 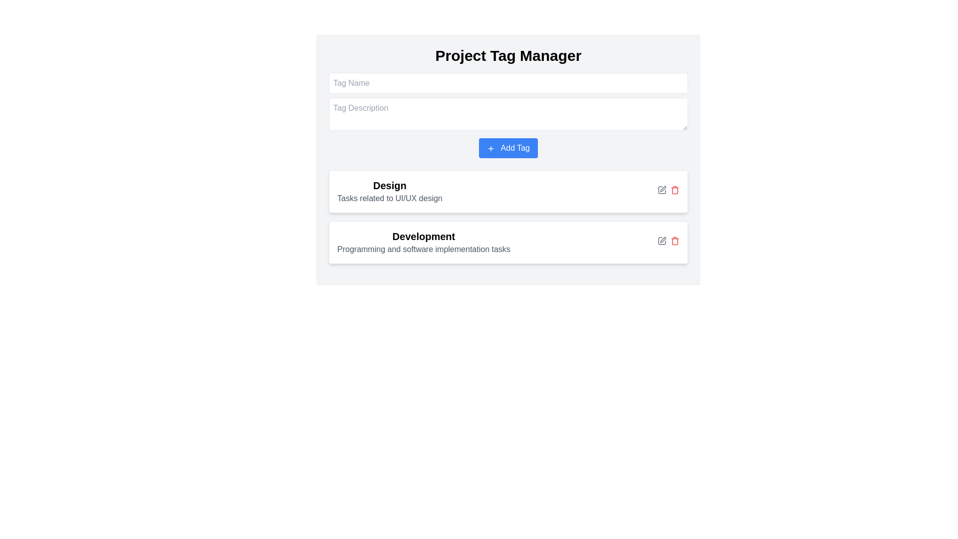 What do you see at coordinates (675, 241) in the screenshot?
I see `the red trash bin icon button, which is located at the far right of the second list item` at bounding box center [675, 241].